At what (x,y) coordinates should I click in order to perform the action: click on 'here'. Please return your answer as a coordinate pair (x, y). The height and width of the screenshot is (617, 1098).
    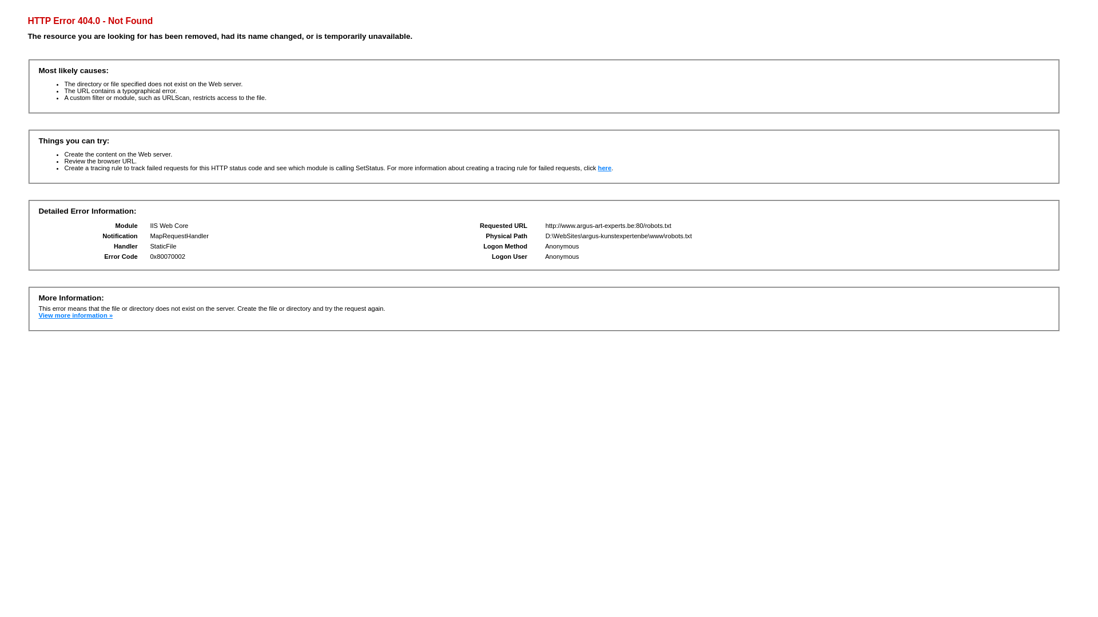
    Looking at the image, I should click on (604, 167).